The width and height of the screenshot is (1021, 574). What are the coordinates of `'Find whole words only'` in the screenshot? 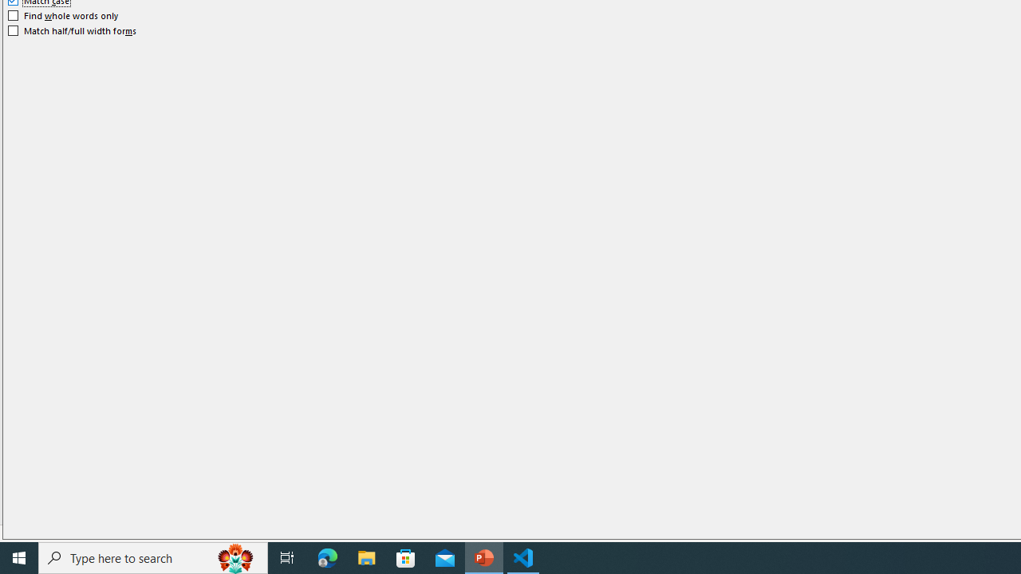 It's located at (64, 16).